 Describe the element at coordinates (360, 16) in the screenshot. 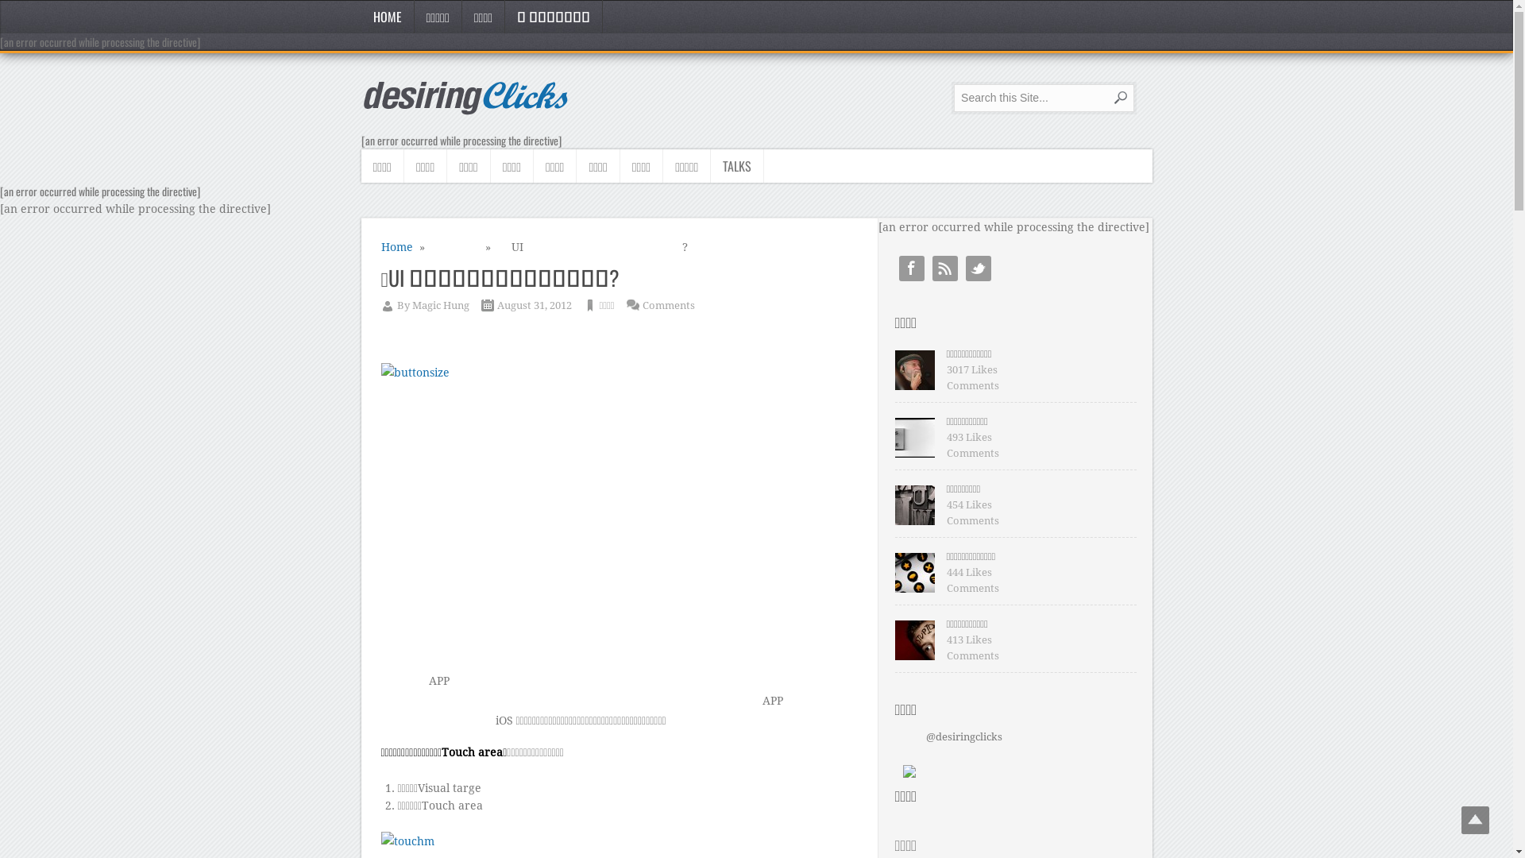

I see `'HOME'` at that location.